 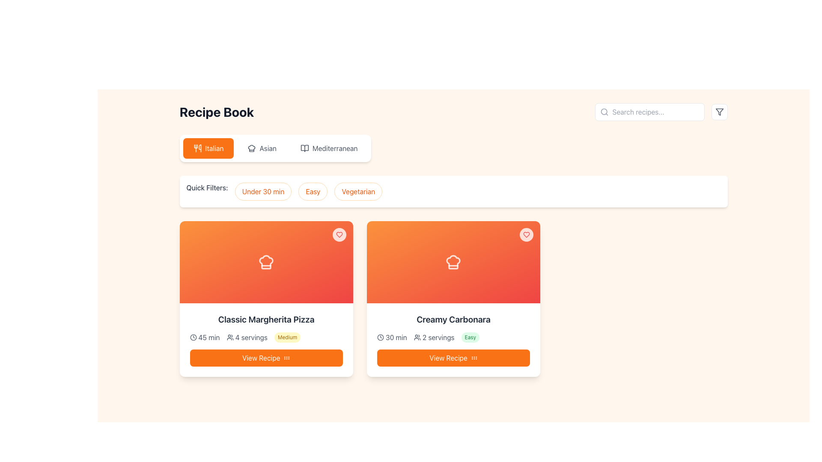 What do you see at coordinates (453, 262) in the screenshot?
I see `the decorative banner representing the 'Creamy Carbonara' card, located in the top half above the text content and centrally aligned in the column` at bounding box center [453, 262].